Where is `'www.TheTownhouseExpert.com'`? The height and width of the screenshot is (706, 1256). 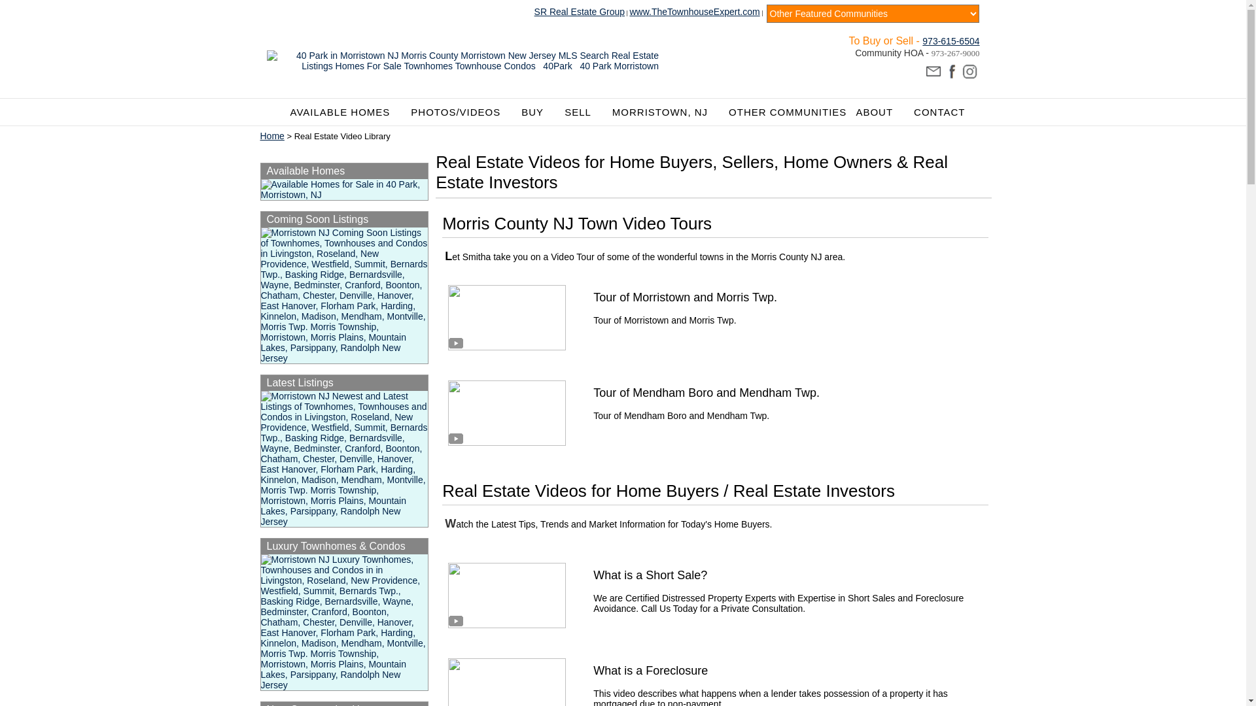
'www.TheTownhouseExpert.com' is located at coordinates (693, 12).